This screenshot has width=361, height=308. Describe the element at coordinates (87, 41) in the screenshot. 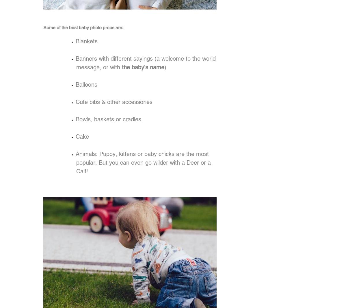

I see `'Blankets'` at that location.